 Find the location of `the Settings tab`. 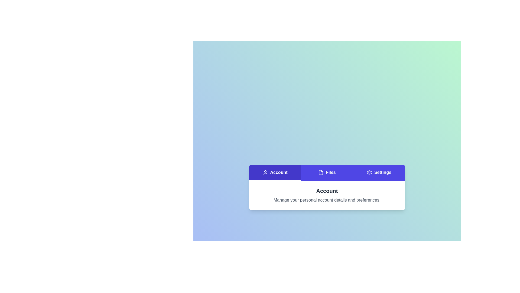

the Settings tab is located at coordinates (379, 173).